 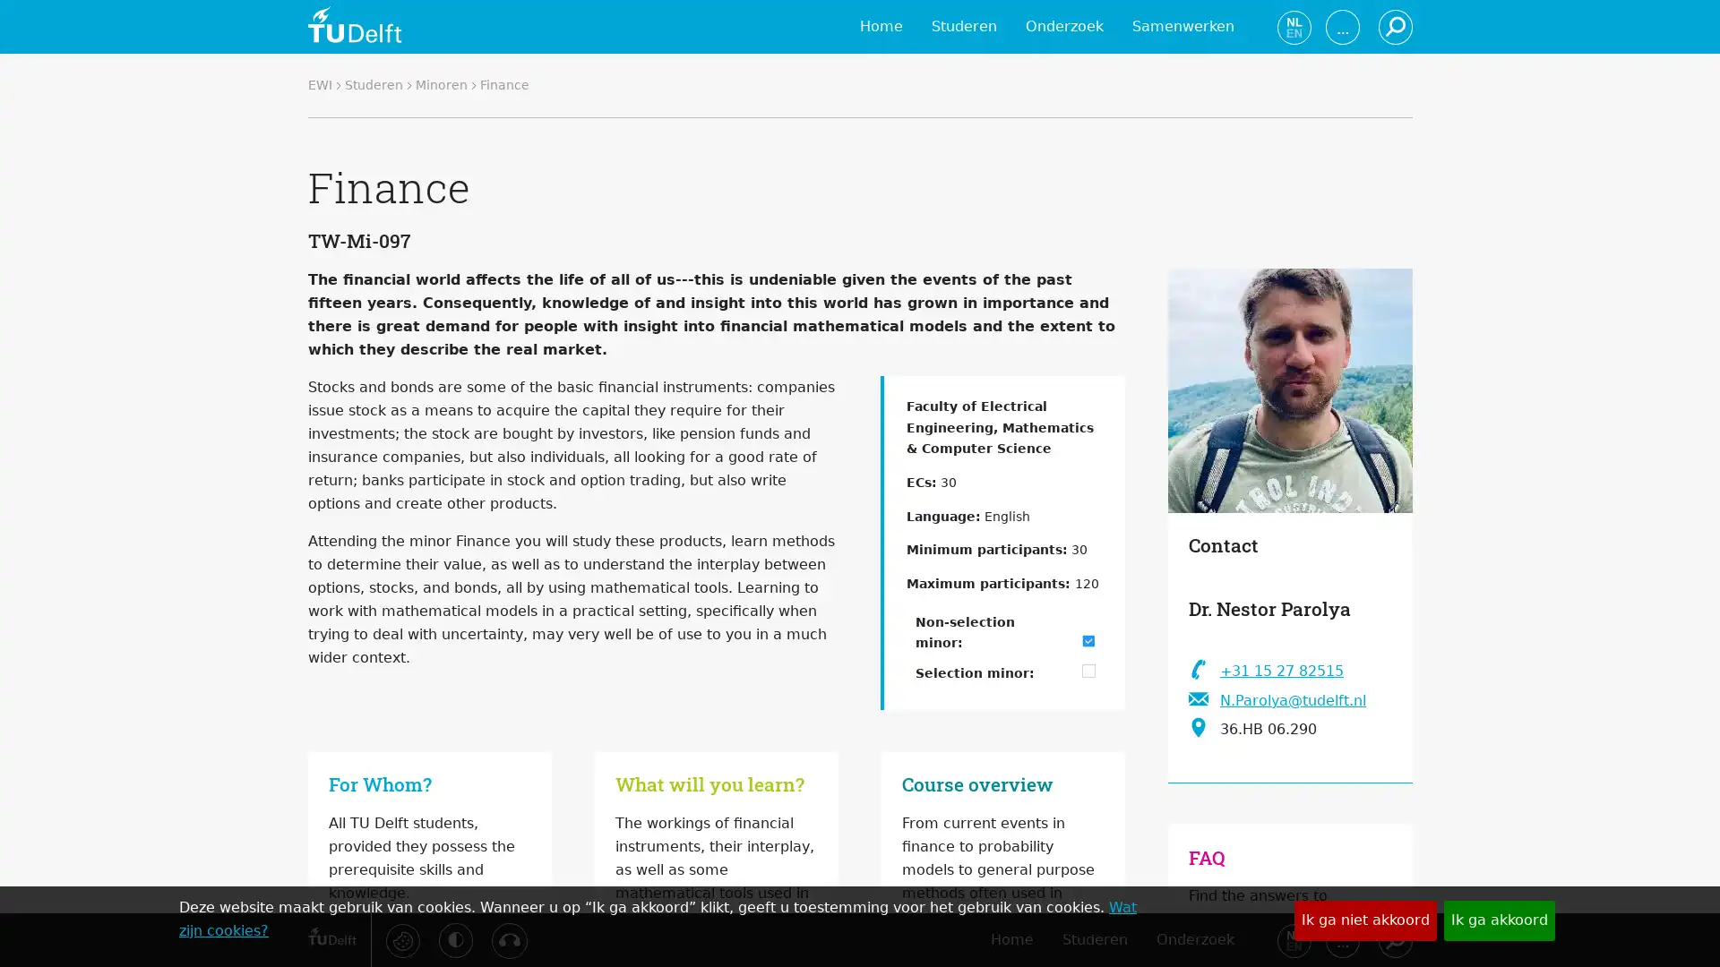 What do you see at coordinates (455, 938) in the screenshot?
I see `Activeer hoog contrast` at bounding box center [455, 938].